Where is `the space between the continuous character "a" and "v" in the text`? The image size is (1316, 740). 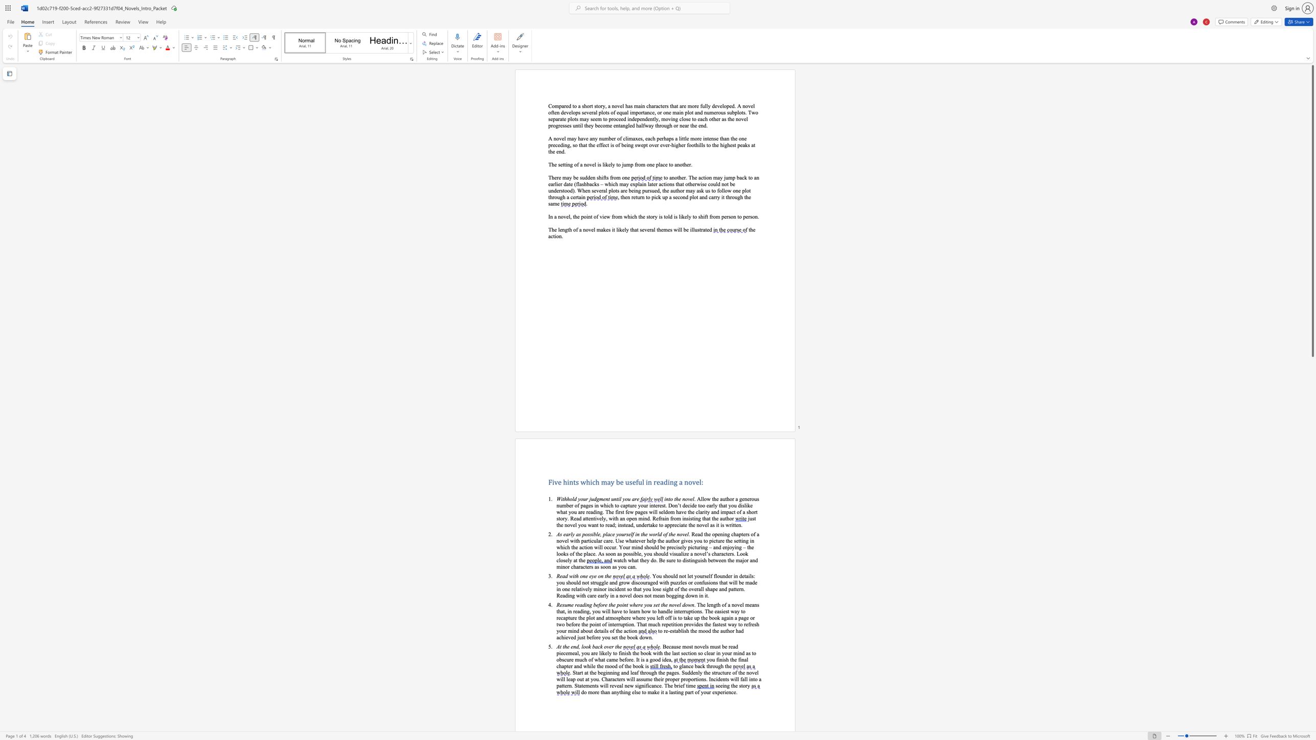 the space between the continuous character "a" and "v" in the text is located at coordinates (582, 138).